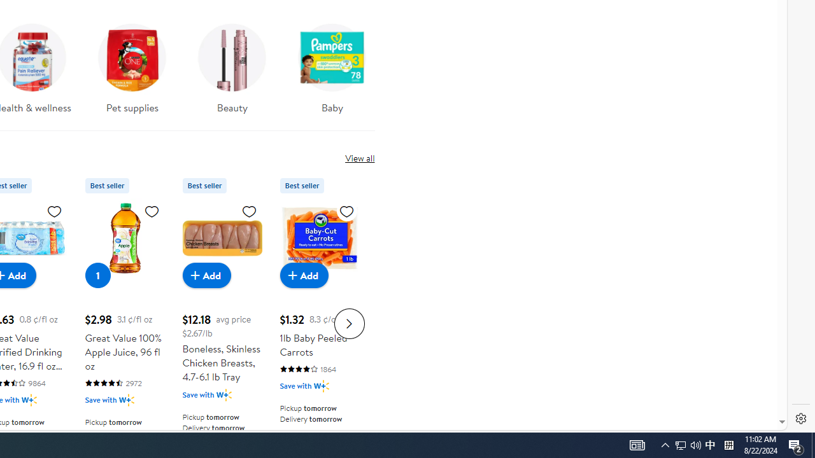  What do you see at coordinates (359, 157) in the screenshot?
I see `'View all'` at bounding box center [359, 157].